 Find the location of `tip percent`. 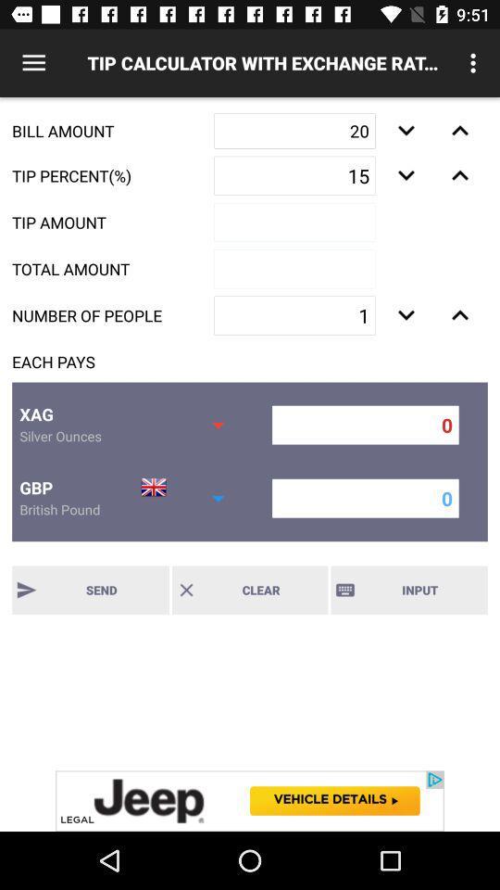

tip percent is located at coordinates (459, 175).